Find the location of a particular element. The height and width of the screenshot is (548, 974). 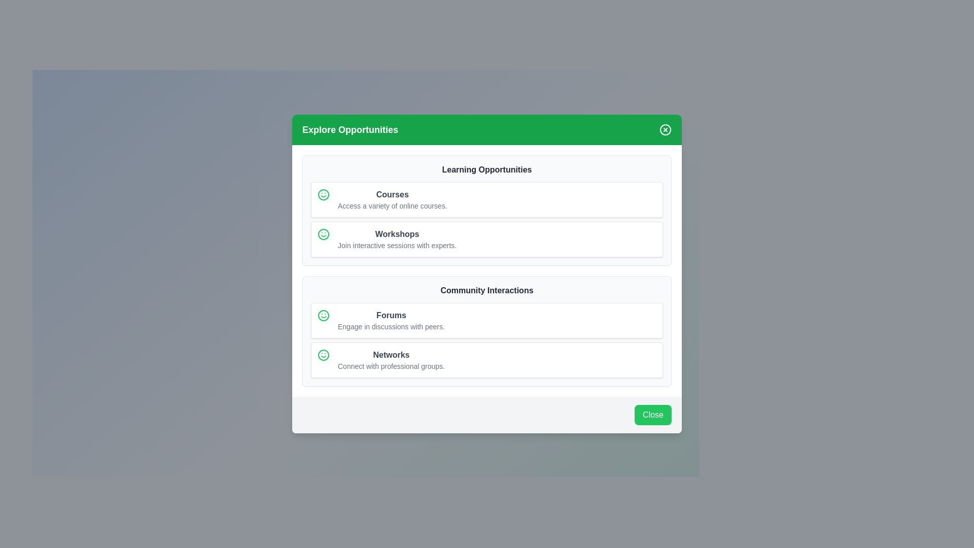

the text label located on the left side of the green header section at the top of the white content box, which serves as a title for the toolbar is located at coordinates (350, 129).